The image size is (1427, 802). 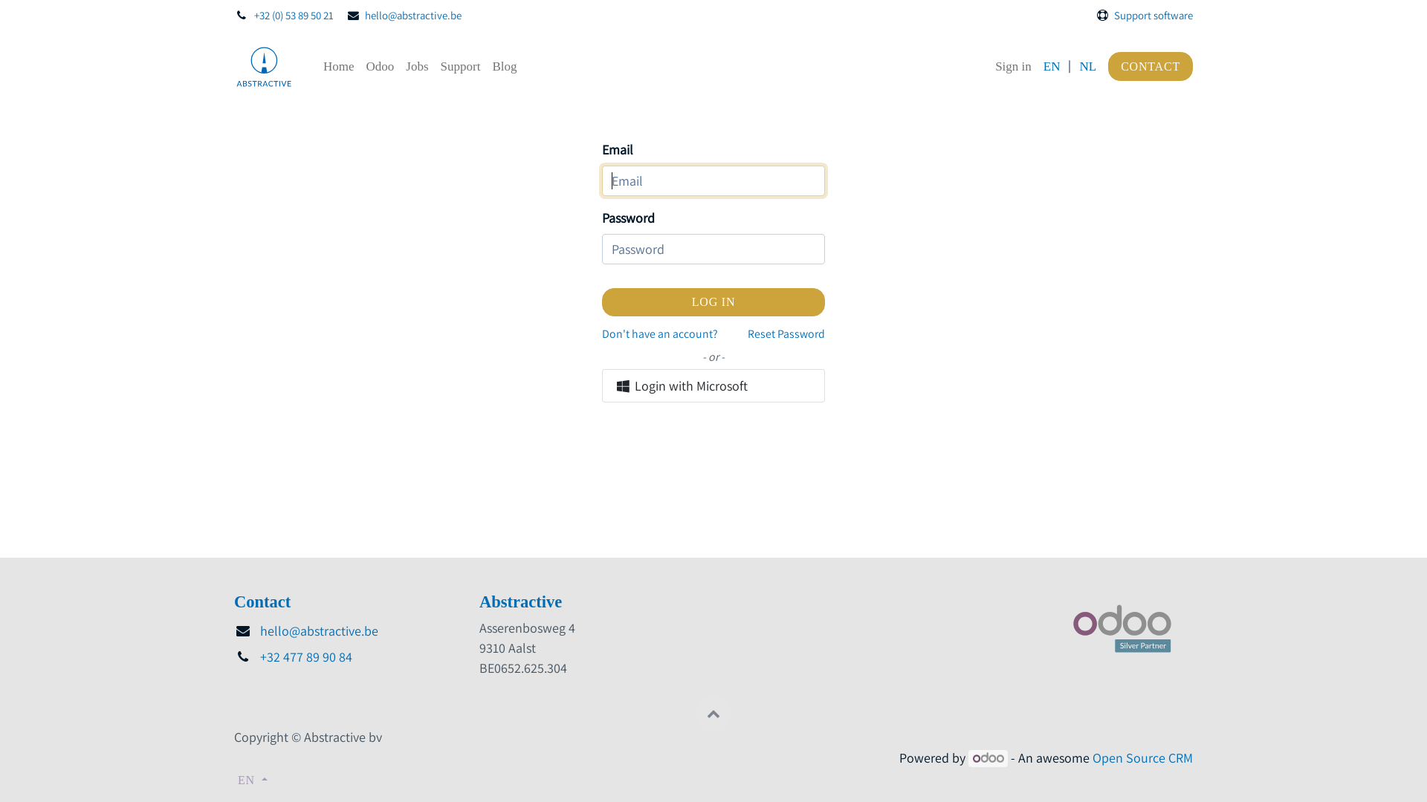 I want to click on '+32 (0) 53 89 50 21', so click(x=253, y=15).